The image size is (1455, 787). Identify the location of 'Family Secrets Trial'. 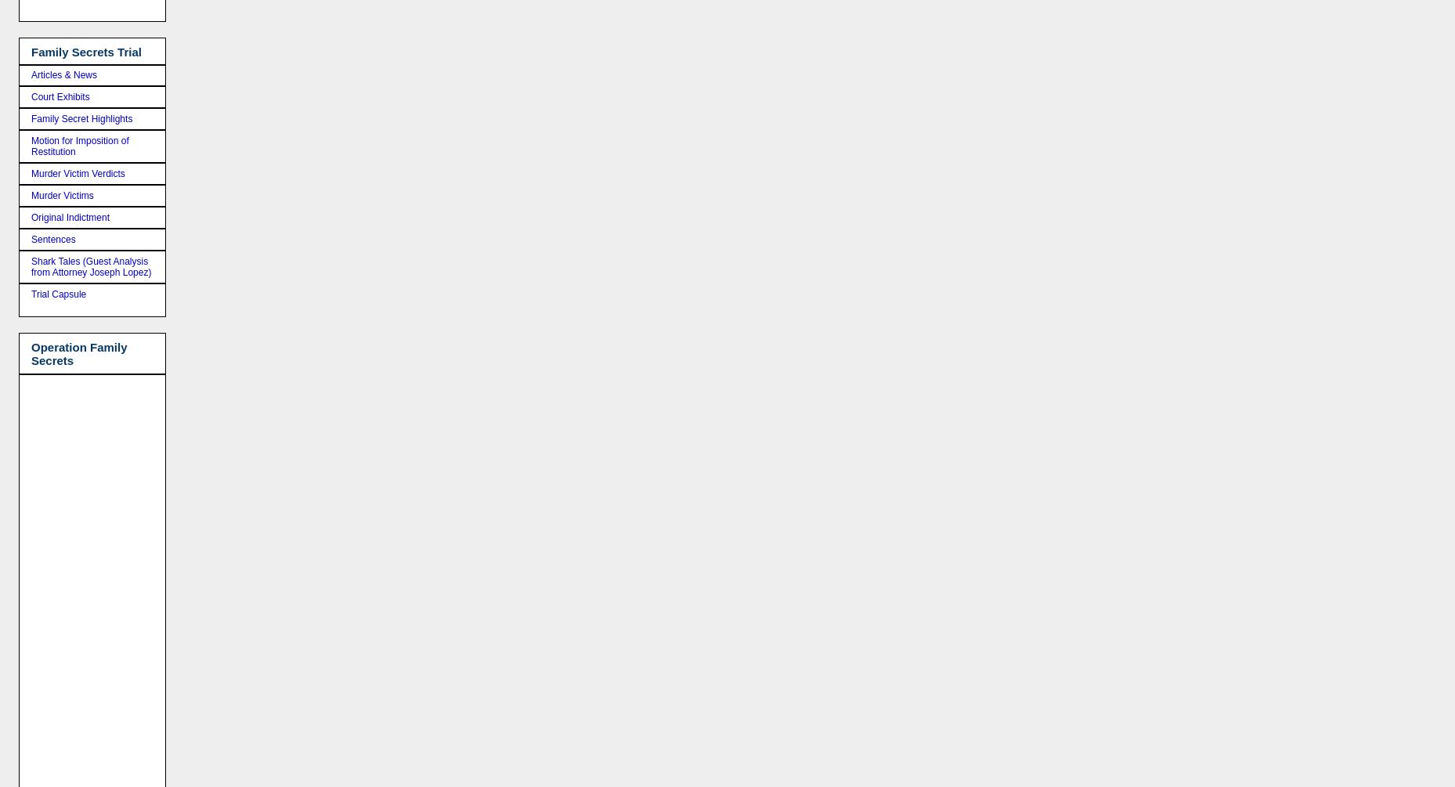
(30, 51).